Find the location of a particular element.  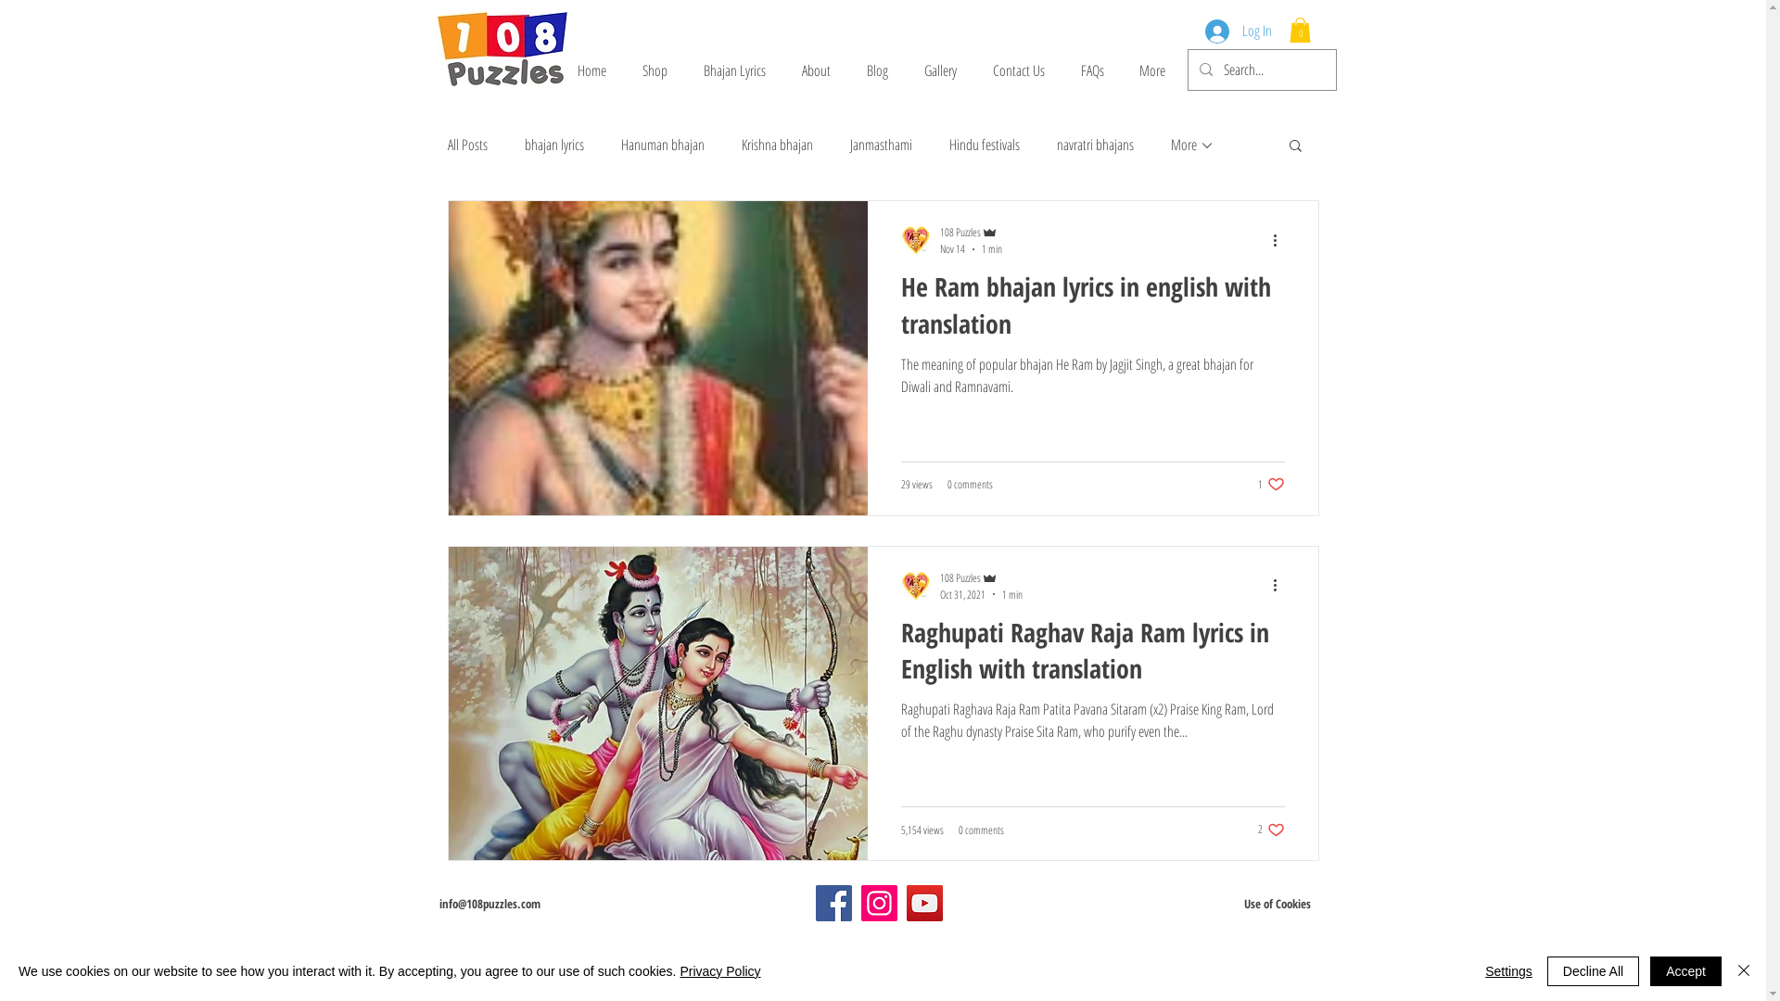

'navratri bhajans' is located at coordinates (1095, 143).